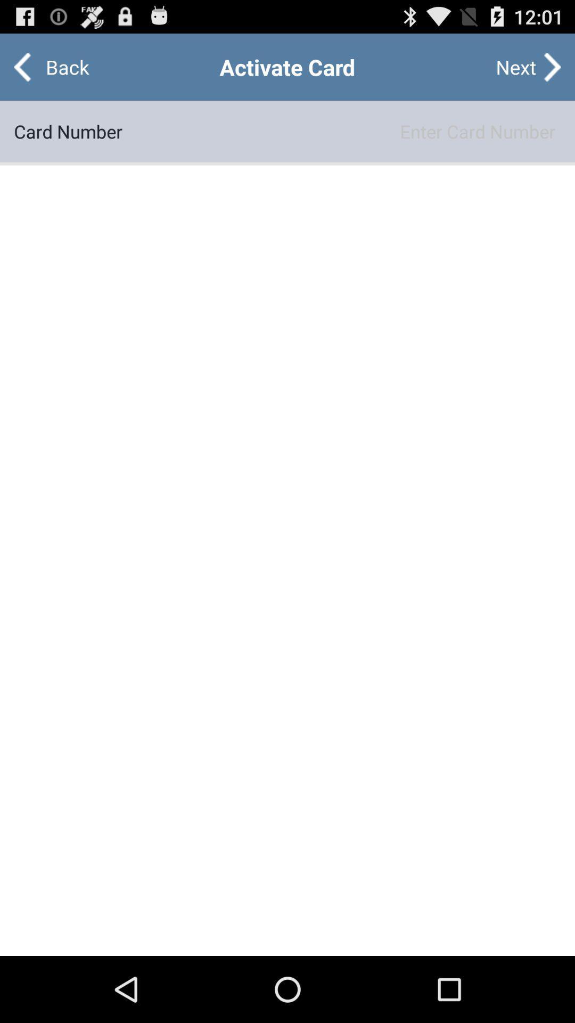  Describe the element at coordinates (59, 66) in the screenshot. I see `the app above card number item` at that location.